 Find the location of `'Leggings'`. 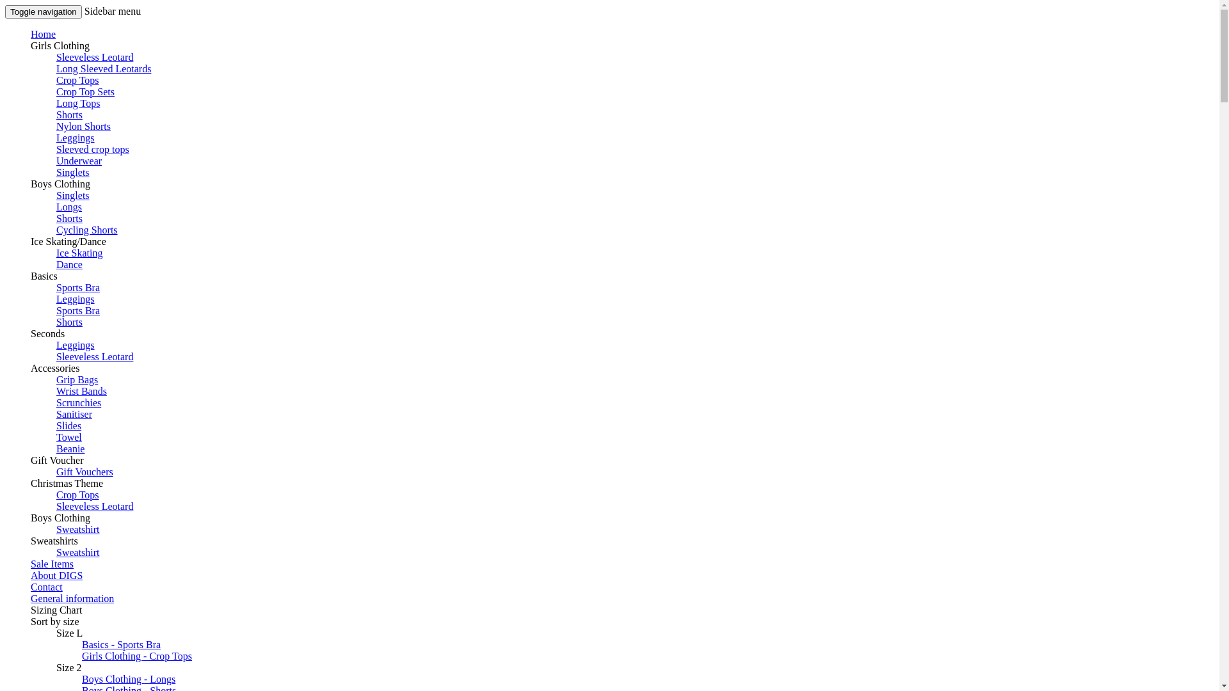

'Leggings' is located at coordinates (75, 344).